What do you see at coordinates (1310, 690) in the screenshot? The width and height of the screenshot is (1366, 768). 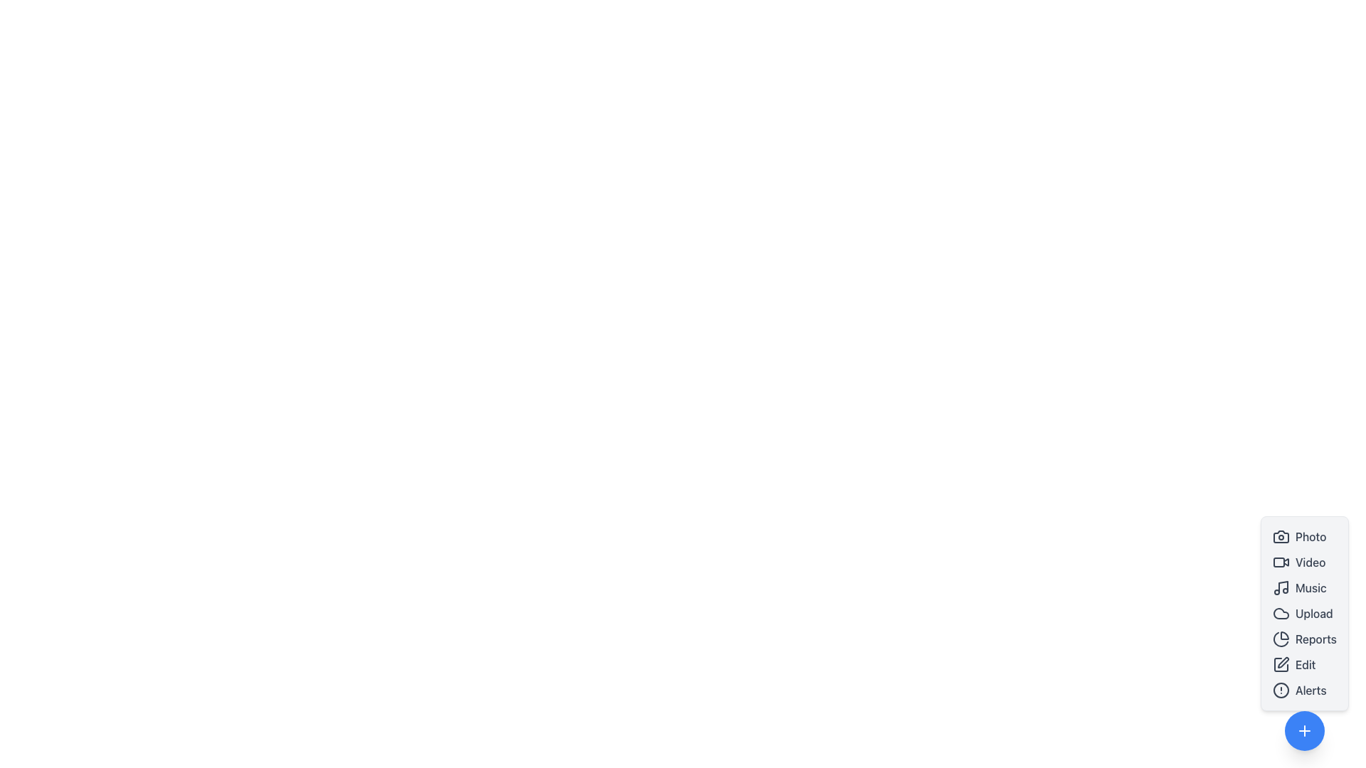 I see `the static text label that serves as an informational label and navigational link, located at the last position in the vertically aligned menu on the right side of the interface` at bounding box center [1310, 690].